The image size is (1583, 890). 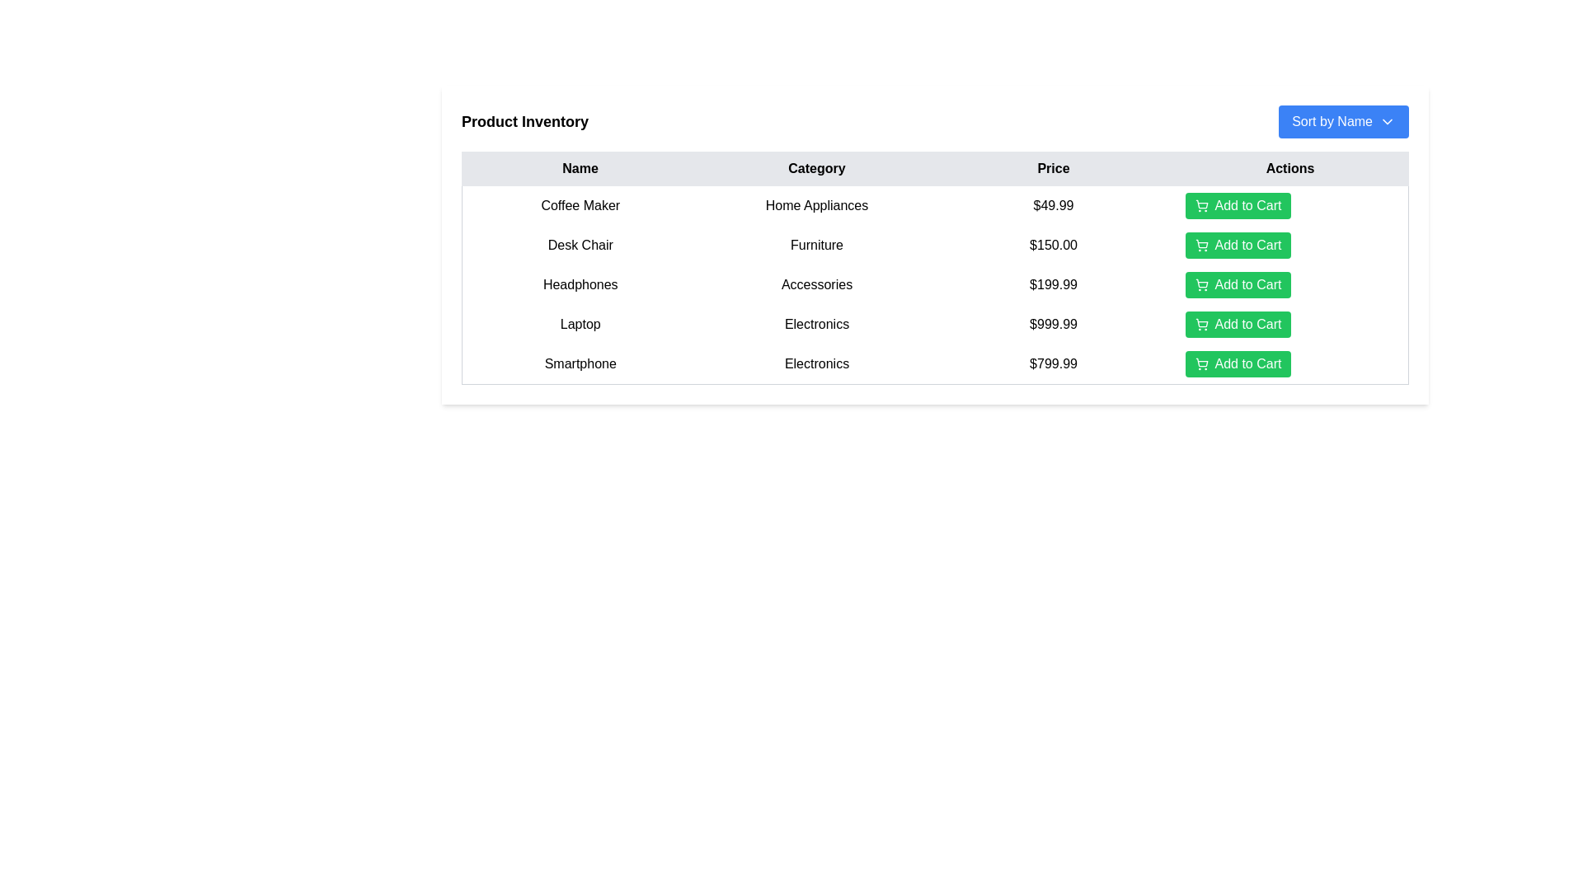 I want to click on the text label displaying 'Headphones', which is styled with centered alignment and padding, located in the 'Name' column of a product details table, so click(x=580, y=284).